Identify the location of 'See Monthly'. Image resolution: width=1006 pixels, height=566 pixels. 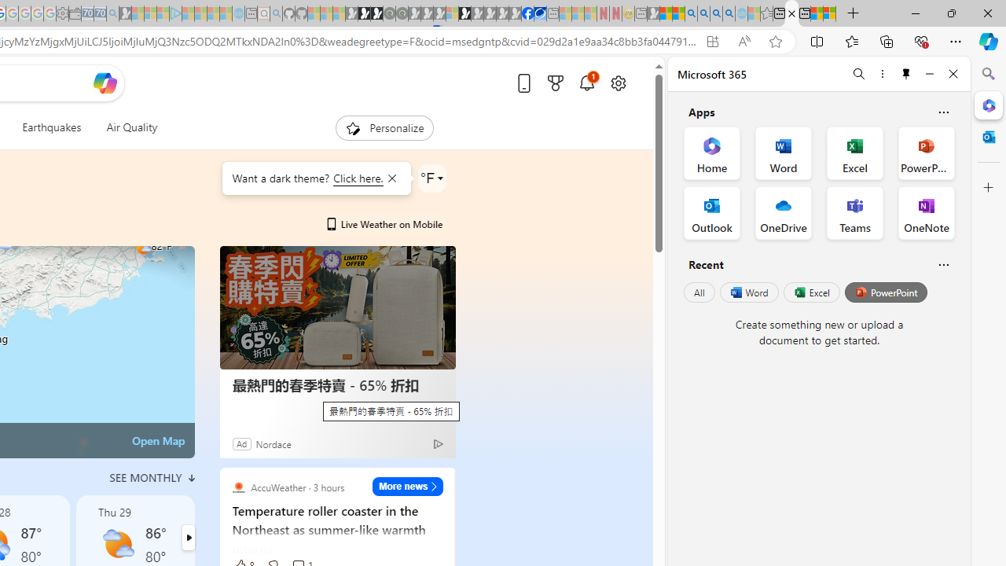
(152, 477).